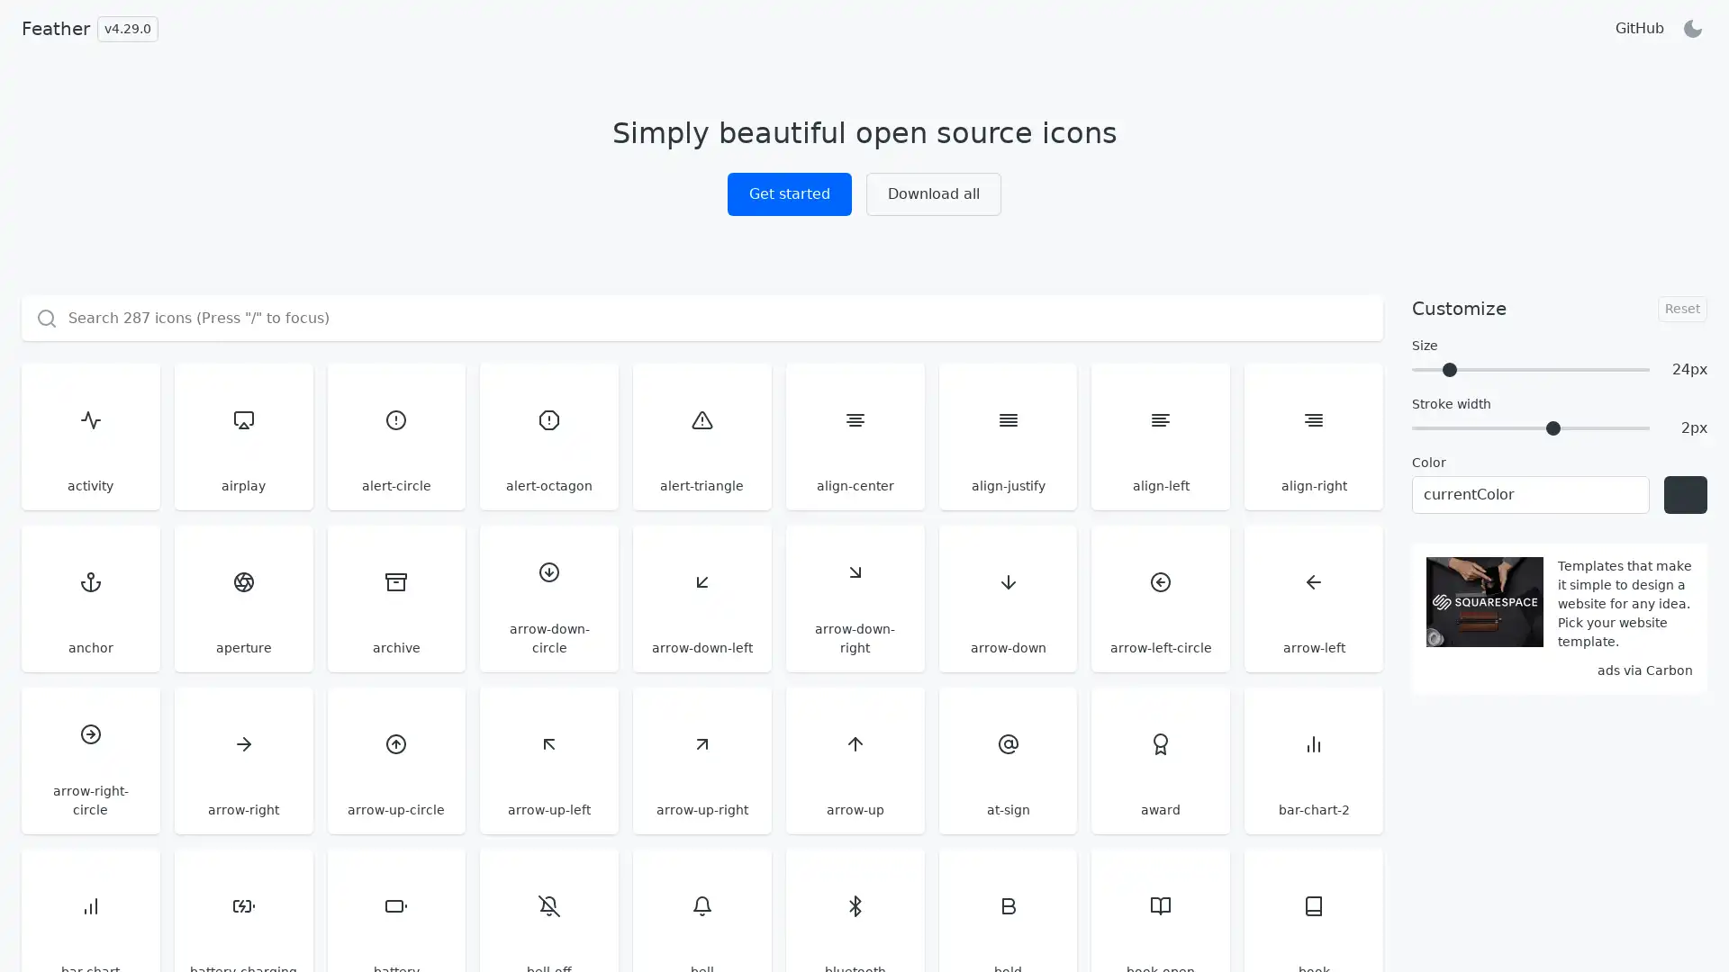  What do you see at coordinates (1314, 760) in the screenshot?
I see `bar-chart-2` at bounding box center [1314, 760].